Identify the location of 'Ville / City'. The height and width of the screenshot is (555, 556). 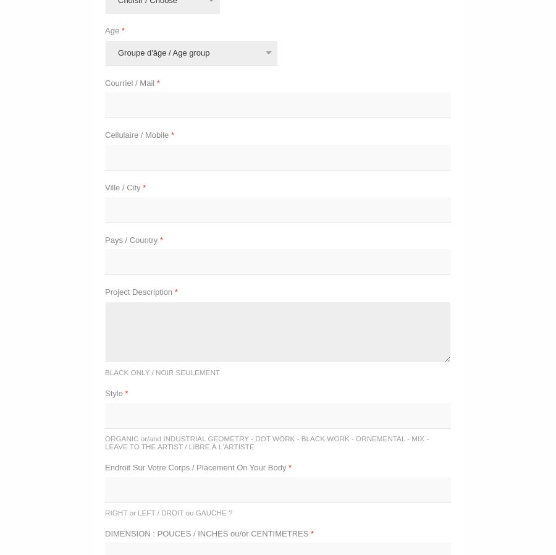
(124, 187).